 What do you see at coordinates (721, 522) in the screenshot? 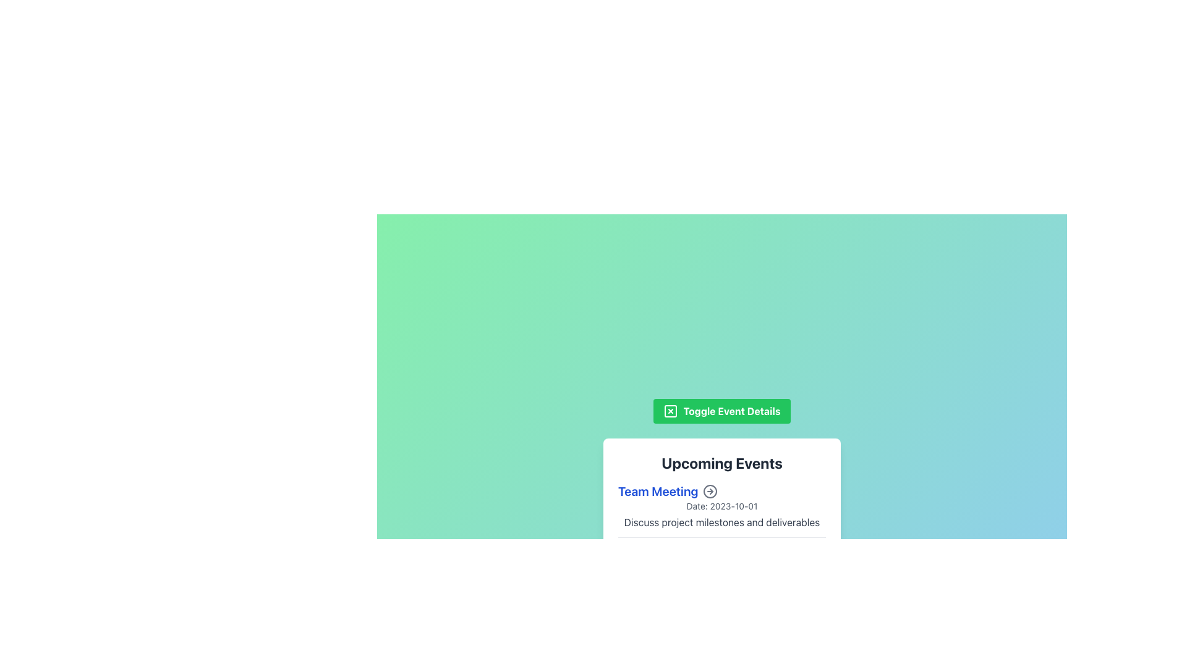
I see `text label that is styled in gray color and smaller font size, located under the section title and date, which reads 'Discuss project milestones and deliverables'` at bounding box center [721, 522].